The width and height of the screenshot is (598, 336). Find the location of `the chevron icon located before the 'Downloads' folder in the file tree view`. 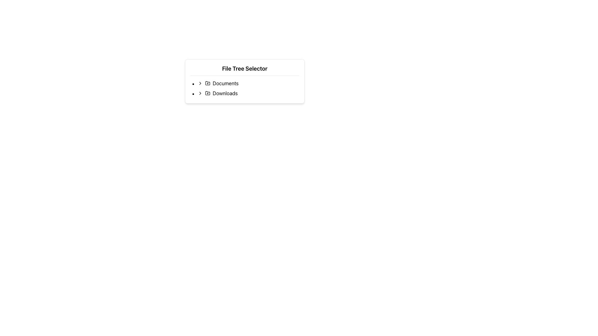

the chevron icon located before the 'Downloads' folder in the file tree view is located at coordinates (200, 93).